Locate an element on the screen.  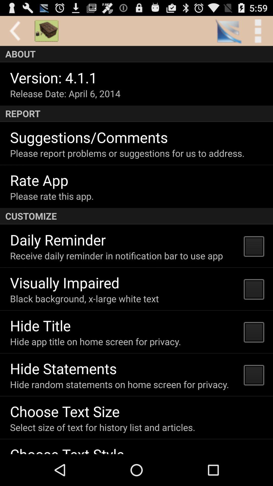
app above the black background x item is located at coordinates (64, 282).